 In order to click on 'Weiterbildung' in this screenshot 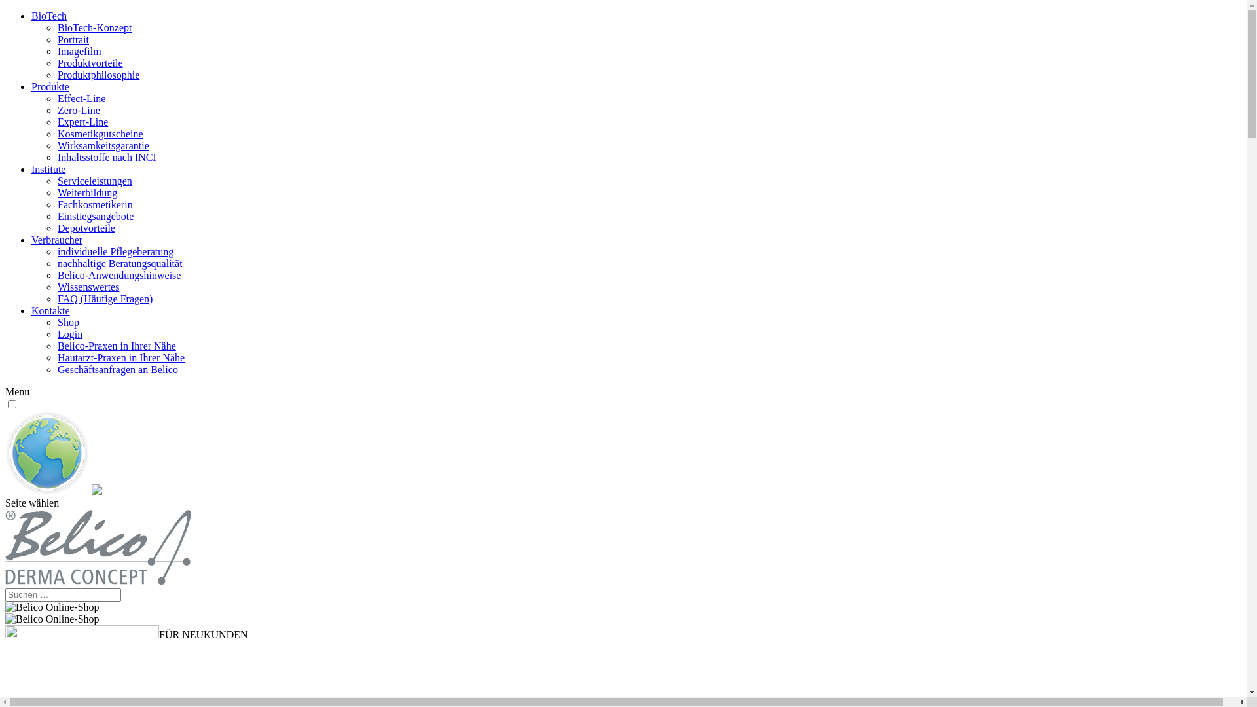, I will do `click(86, 192)`.